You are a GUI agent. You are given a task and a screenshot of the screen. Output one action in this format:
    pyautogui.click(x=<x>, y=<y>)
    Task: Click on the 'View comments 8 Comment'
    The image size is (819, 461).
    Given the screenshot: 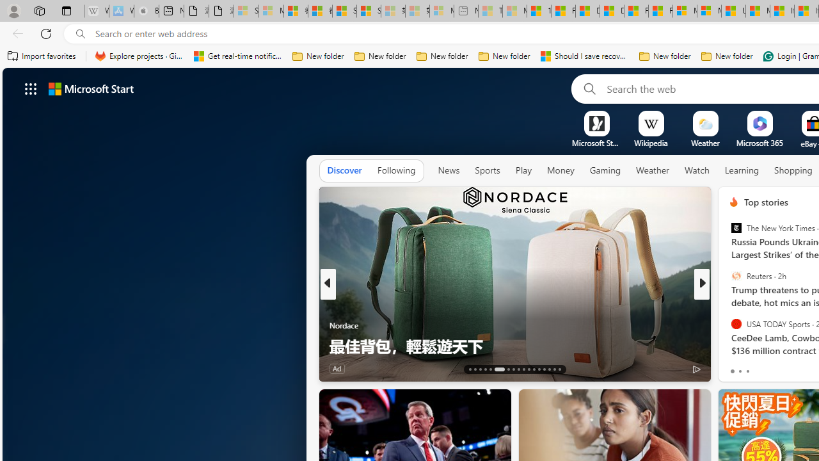 What is the action you would take?
    pyautogui.click(x=790, y=368)
    